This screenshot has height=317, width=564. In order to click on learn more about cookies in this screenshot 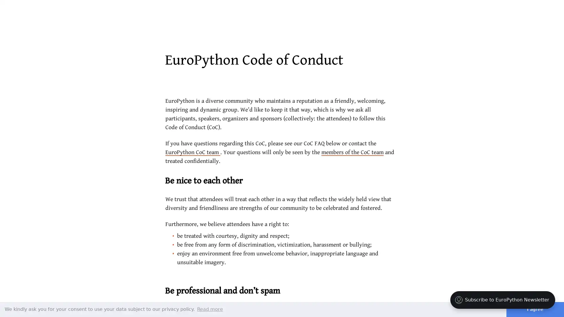, I will do `click(210, 309)`.